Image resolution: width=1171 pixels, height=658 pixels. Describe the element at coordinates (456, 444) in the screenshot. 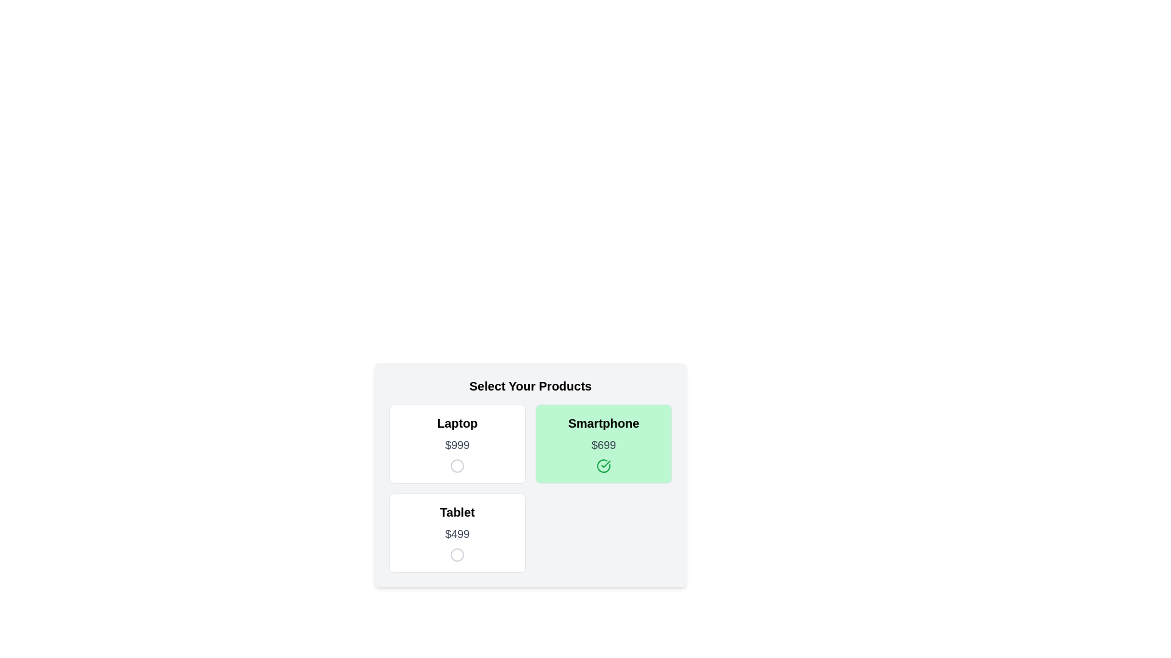

I see `the product card for Laptop` at that location.